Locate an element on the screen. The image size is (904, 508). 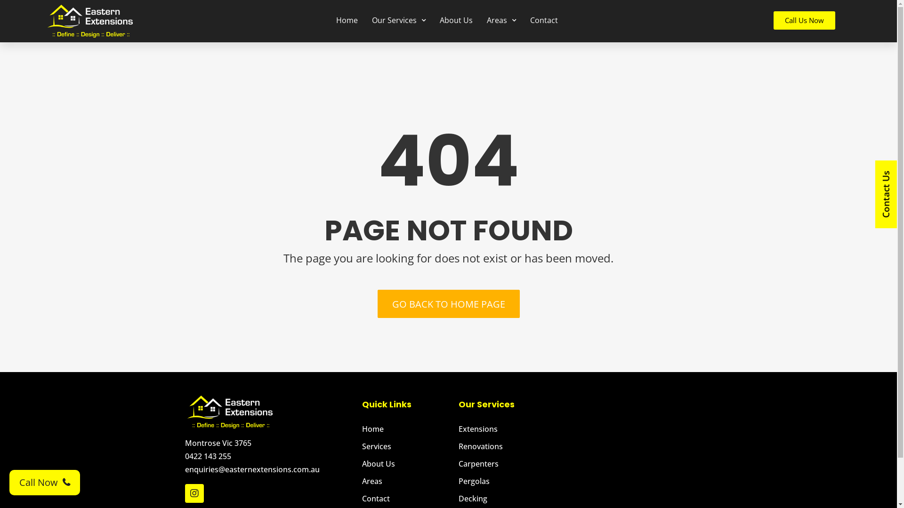
'Home' is located at coordinates (405, 429).